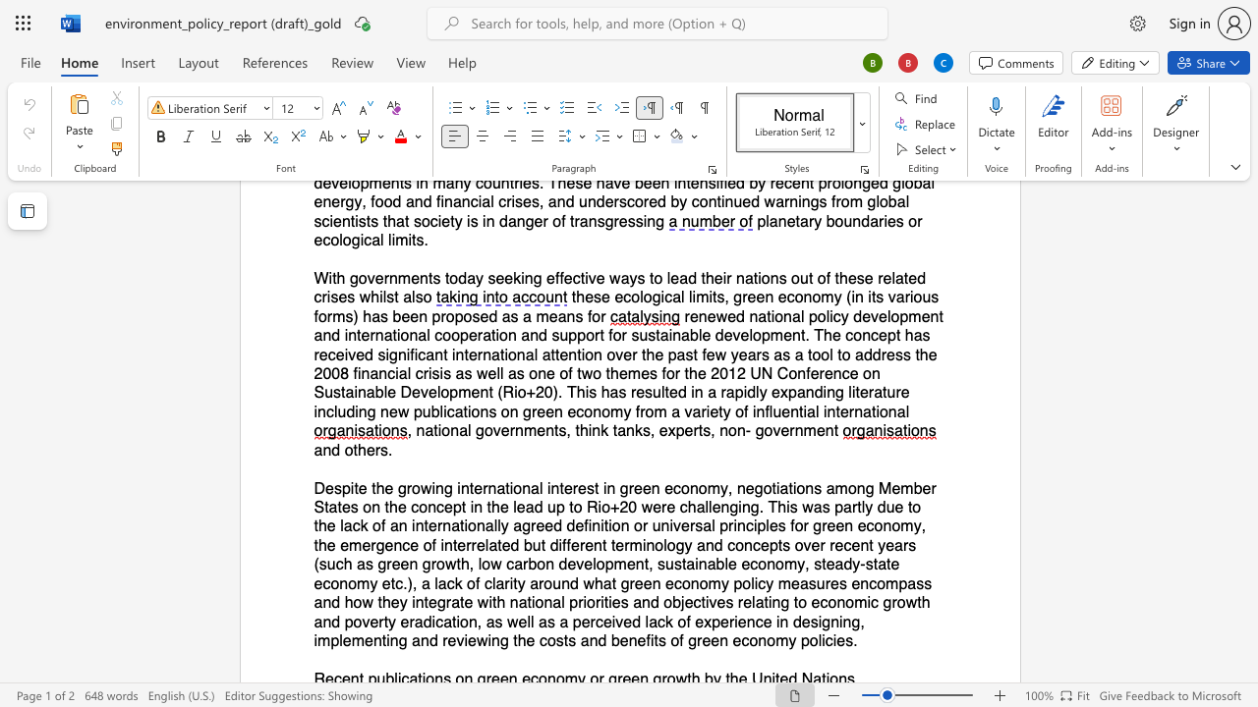  Describe the element at coordinates (371, 450) in the screenshot. I see `the 1th character "e" in the text` at that location.